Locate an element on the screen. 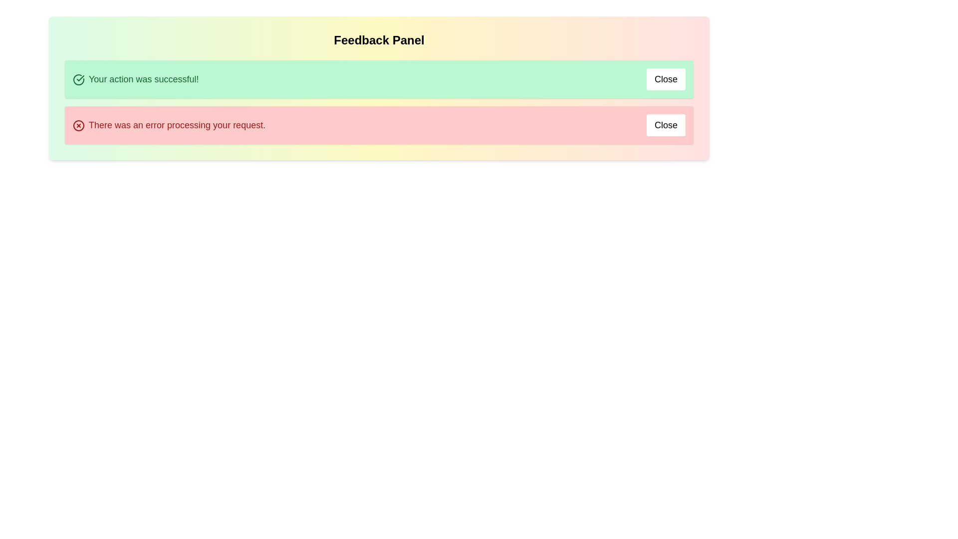  the dismiss button located on the right side of the red error message box that reads 'There was an error processing your request.' is located at coordinates (666, 124).